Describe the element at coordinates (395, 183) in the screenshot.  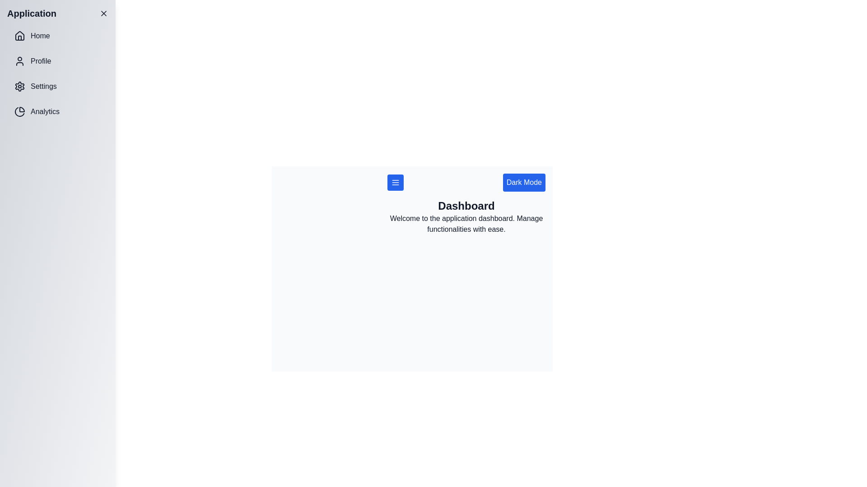
I see `the menu toggle button located within a blue button at the top-left corner of the central panel` at that location.